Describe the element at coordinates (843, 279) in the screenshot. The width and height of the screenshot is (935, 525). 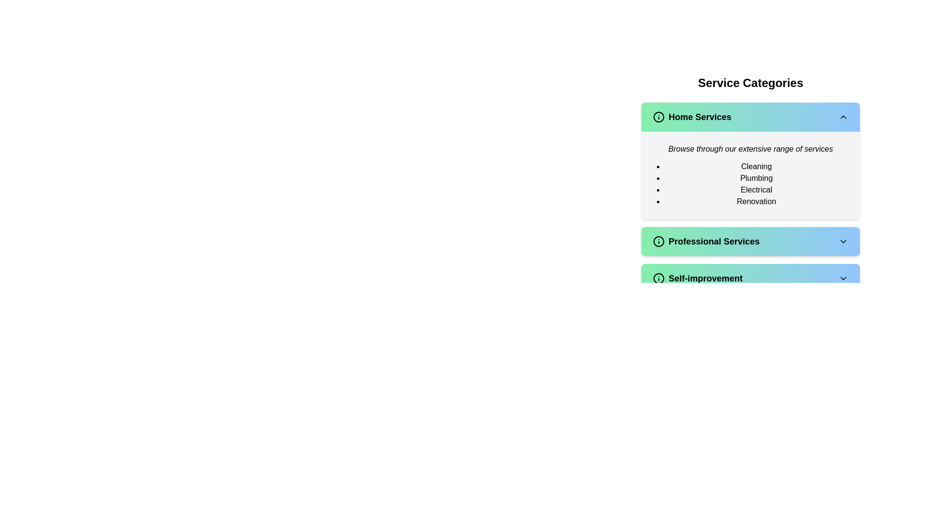
I see `the center of the downward pointing arrow icon located on the rightmost side of the 'Self-improvement' service category` at that location.